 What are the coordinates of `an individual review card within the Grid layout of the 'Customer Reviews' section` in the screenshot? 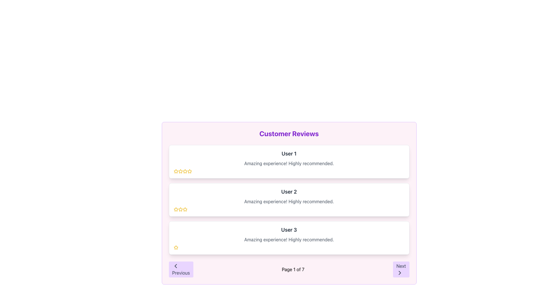 It's located at (289, 199).